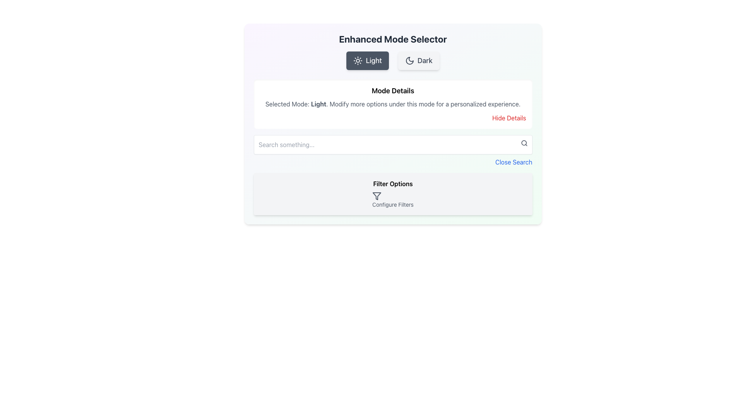 Image resolution: width=743 pixels, height=418 pixels. I want to click on the red underlined text link 'Hide Details' located at the extreme right of the 'Mode Details' section to hide additional details, so click(509, 118).